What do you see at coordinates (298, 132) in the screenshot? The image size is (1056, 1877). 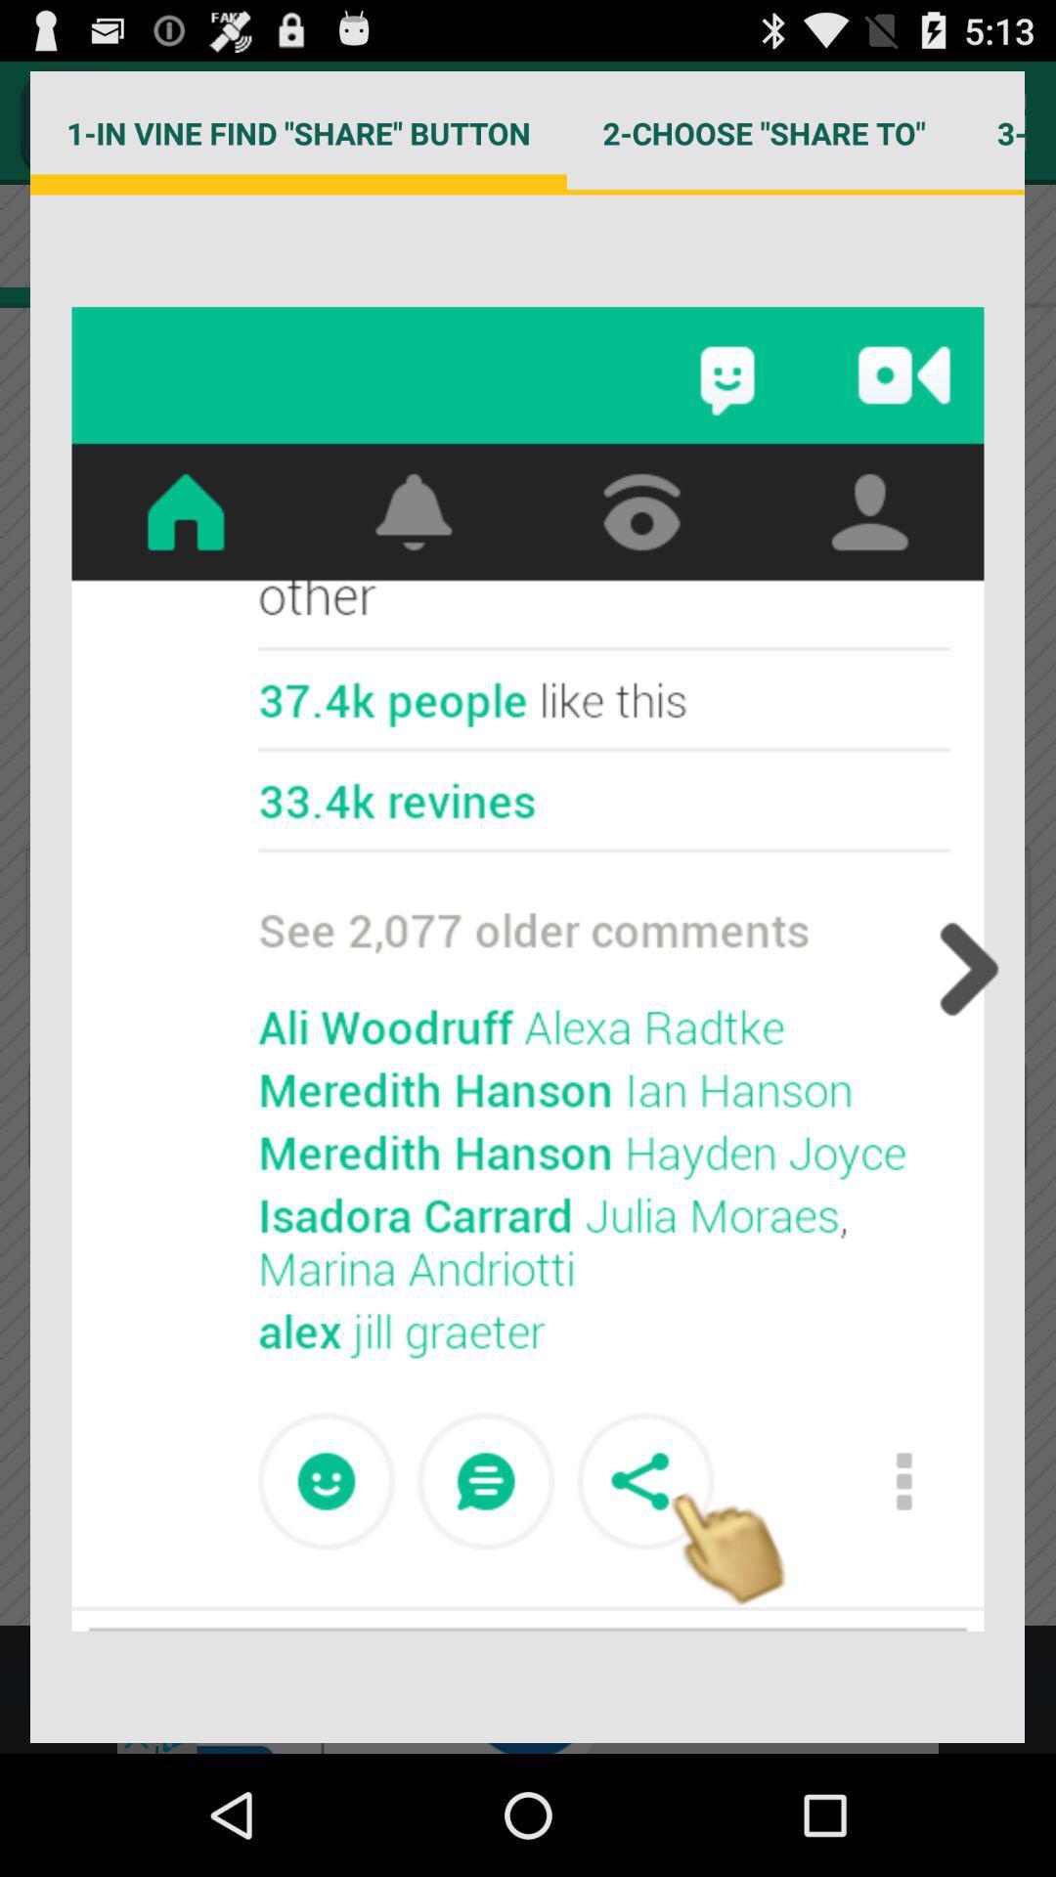 I see `1 in vine item` at bounding box center [298, 132].